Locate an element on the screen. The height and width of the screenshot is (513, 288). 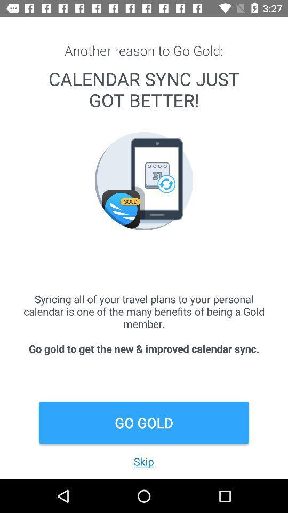
the skip icon is located at coordinates (143, 461).